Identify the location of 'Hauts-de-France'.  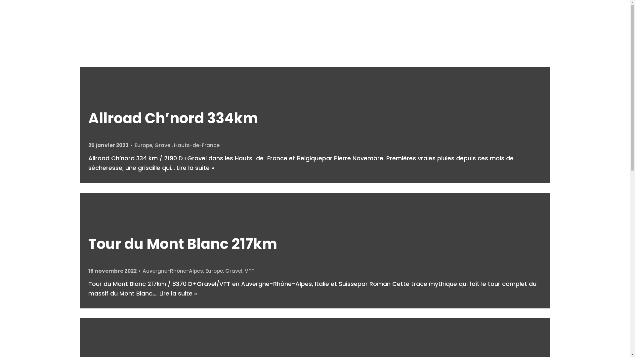
(174, 145).